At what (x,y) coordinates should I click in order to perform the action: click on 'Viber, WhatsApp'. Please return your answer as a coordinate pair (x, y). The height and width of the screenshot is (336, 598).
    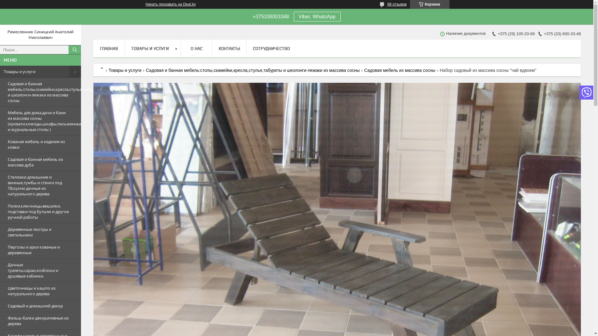
    Looking at the image, I should click on (293, 16).